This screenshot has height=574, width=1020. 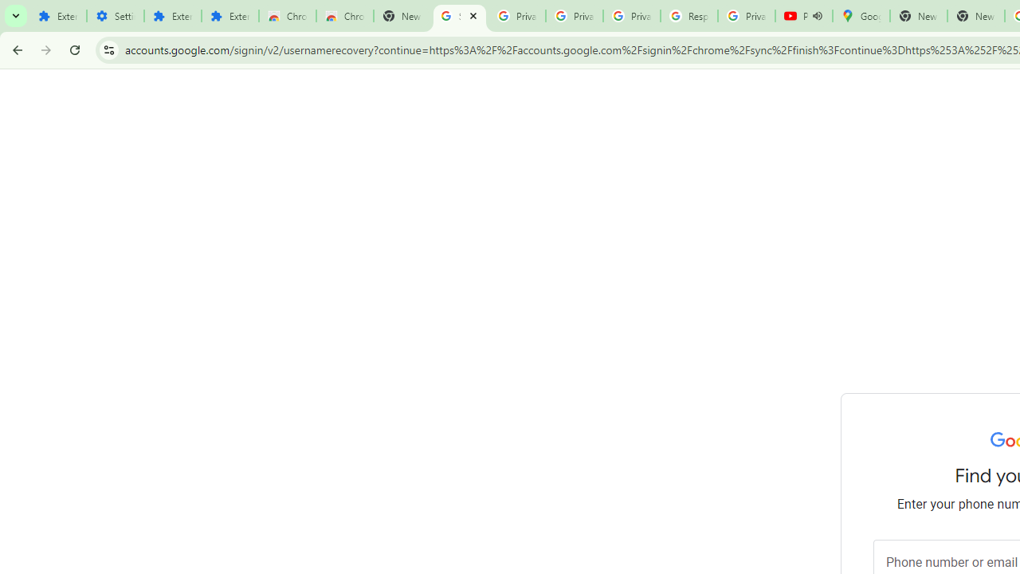 What do you see at coordinates (817, 16) in the screenshot?
I see `'Mute tab'` at bounding box center [817, 16].